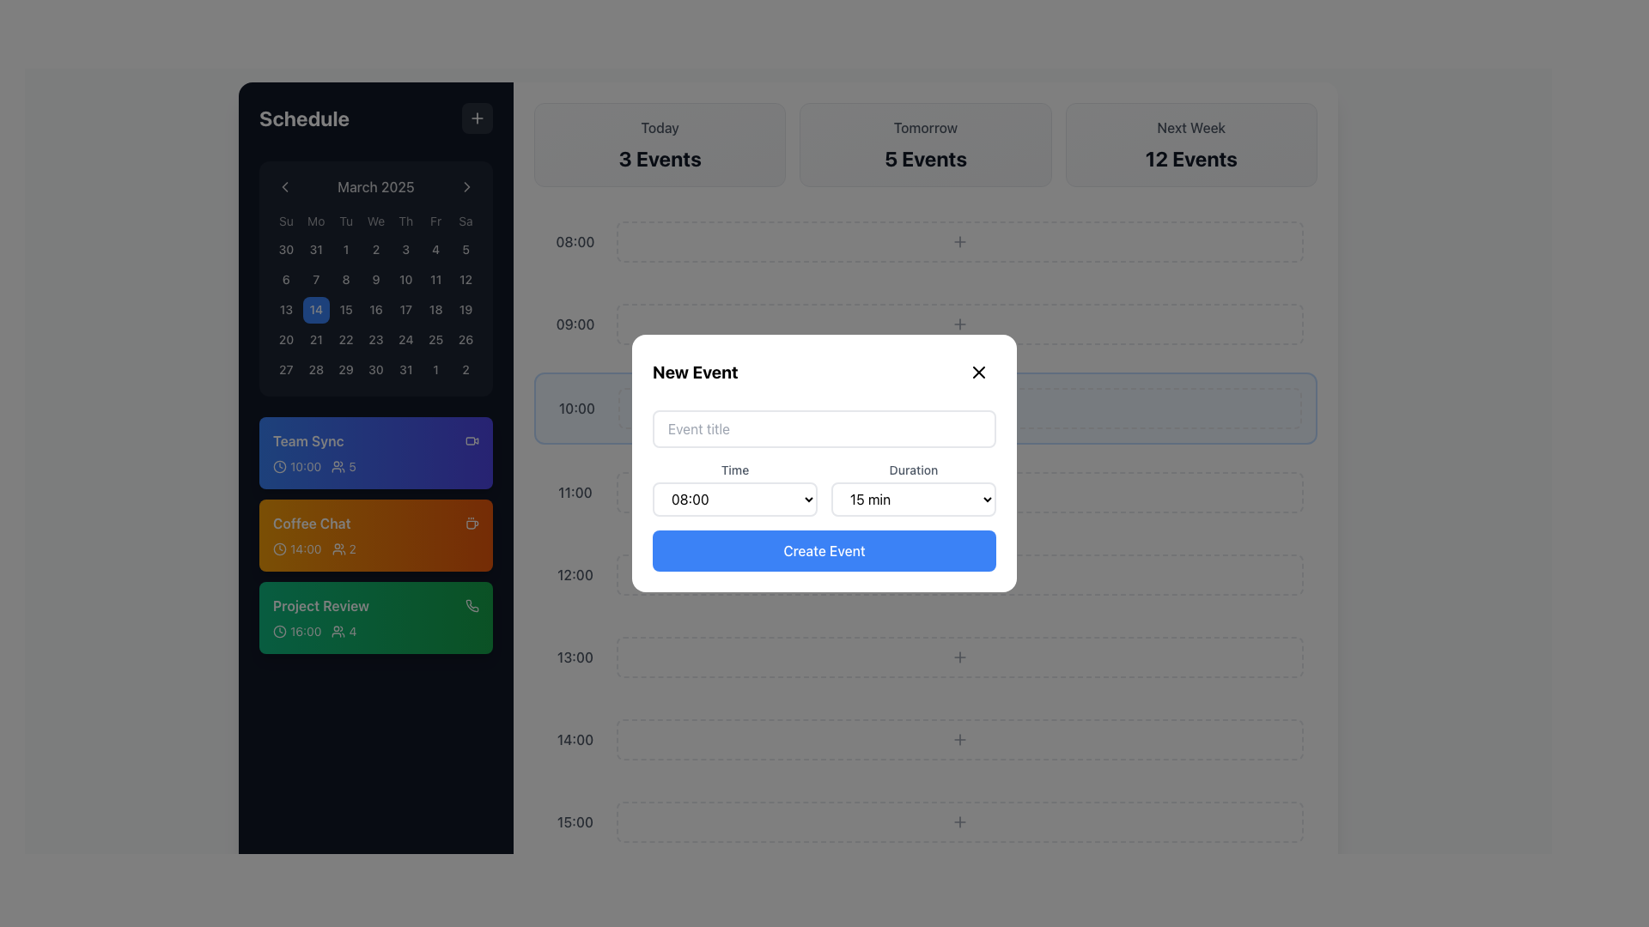 The image size is (1649, 927). I want to click on the text '14:00' next to the clock icon in the 'Coffee Chat' section of the left sidebar to get tooltip information, so click(297, 549).